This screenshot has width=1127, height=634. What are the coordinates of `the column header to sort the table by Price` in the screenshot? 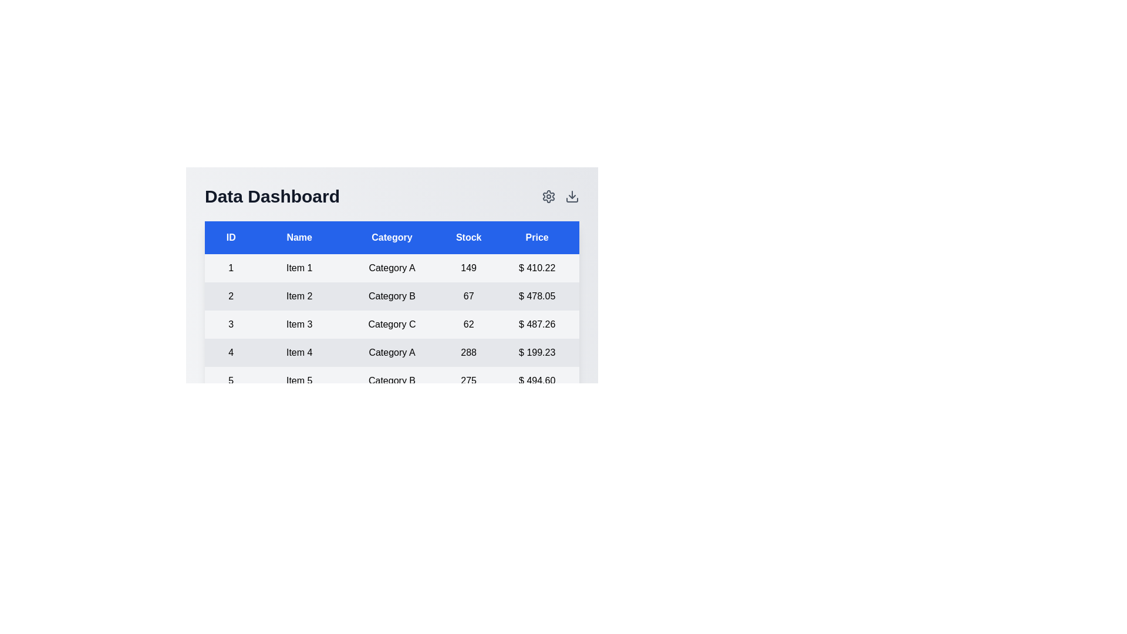 It's located at (536, 238).